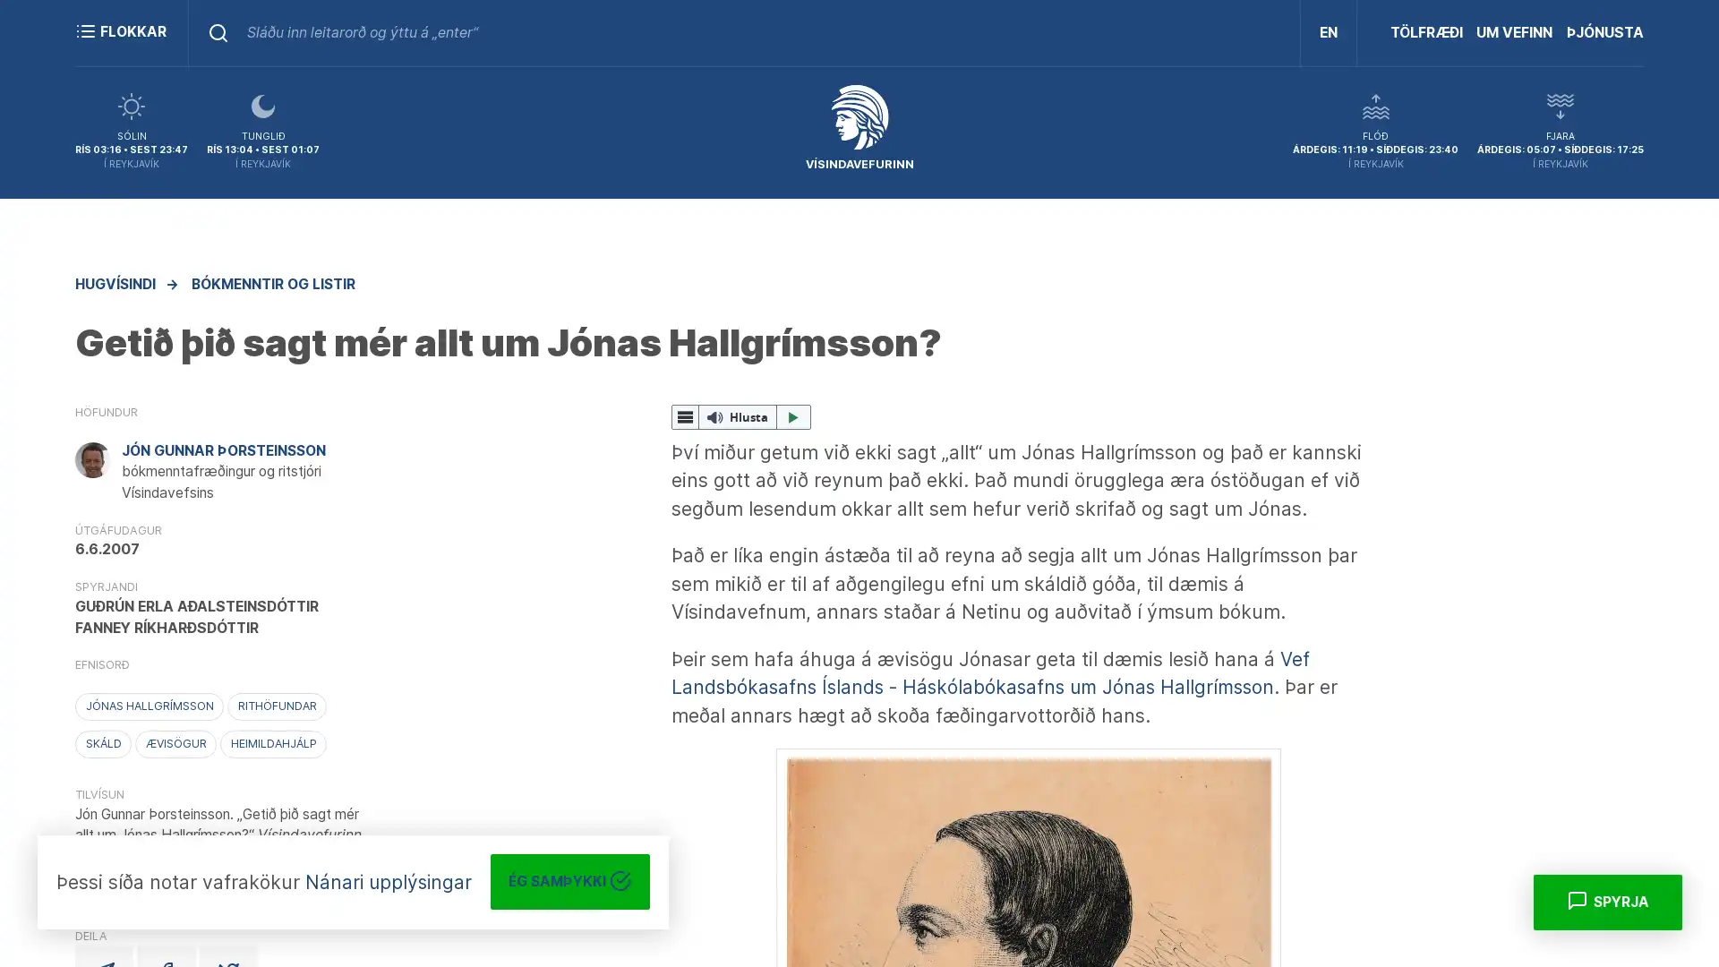 This screenshot has height=967, width=1719. I want to click on ReadSpeaker webReader: Hlusta me webReader, so click(741, 416).